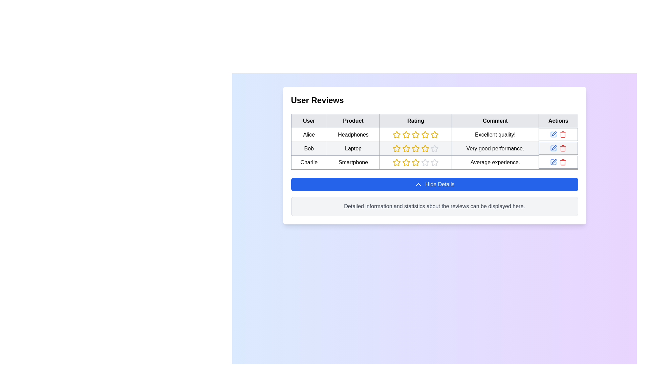 The image size is (650, 365). What do you see at coordinates (425, 162) in the screenshot?
I see `the third star icon representing the rating for the 'Charlie - Smartphone' review` at bounding box center [425, 162].